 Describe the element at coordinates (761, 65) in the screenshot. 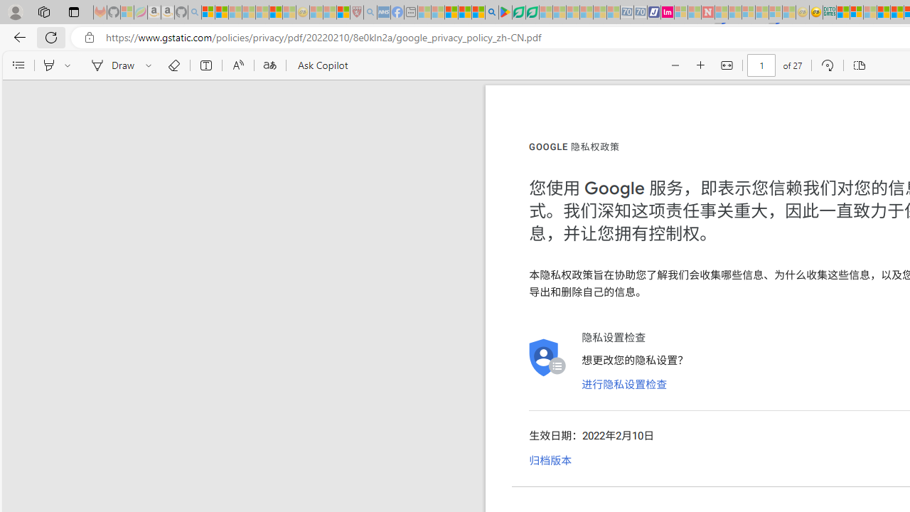

I see `'Page number'` at that location.